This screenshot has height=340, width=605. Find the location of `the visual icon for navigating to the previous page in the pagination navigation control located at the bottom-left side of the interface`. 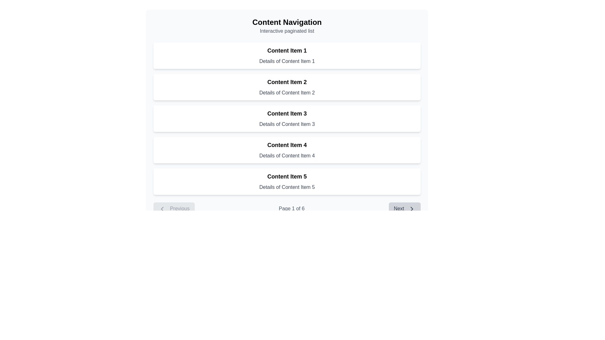

the visual icon for navigating to the previous page in the pagination navigation control located at the bottom-left side of the interface is located at coordinates (162, 209).